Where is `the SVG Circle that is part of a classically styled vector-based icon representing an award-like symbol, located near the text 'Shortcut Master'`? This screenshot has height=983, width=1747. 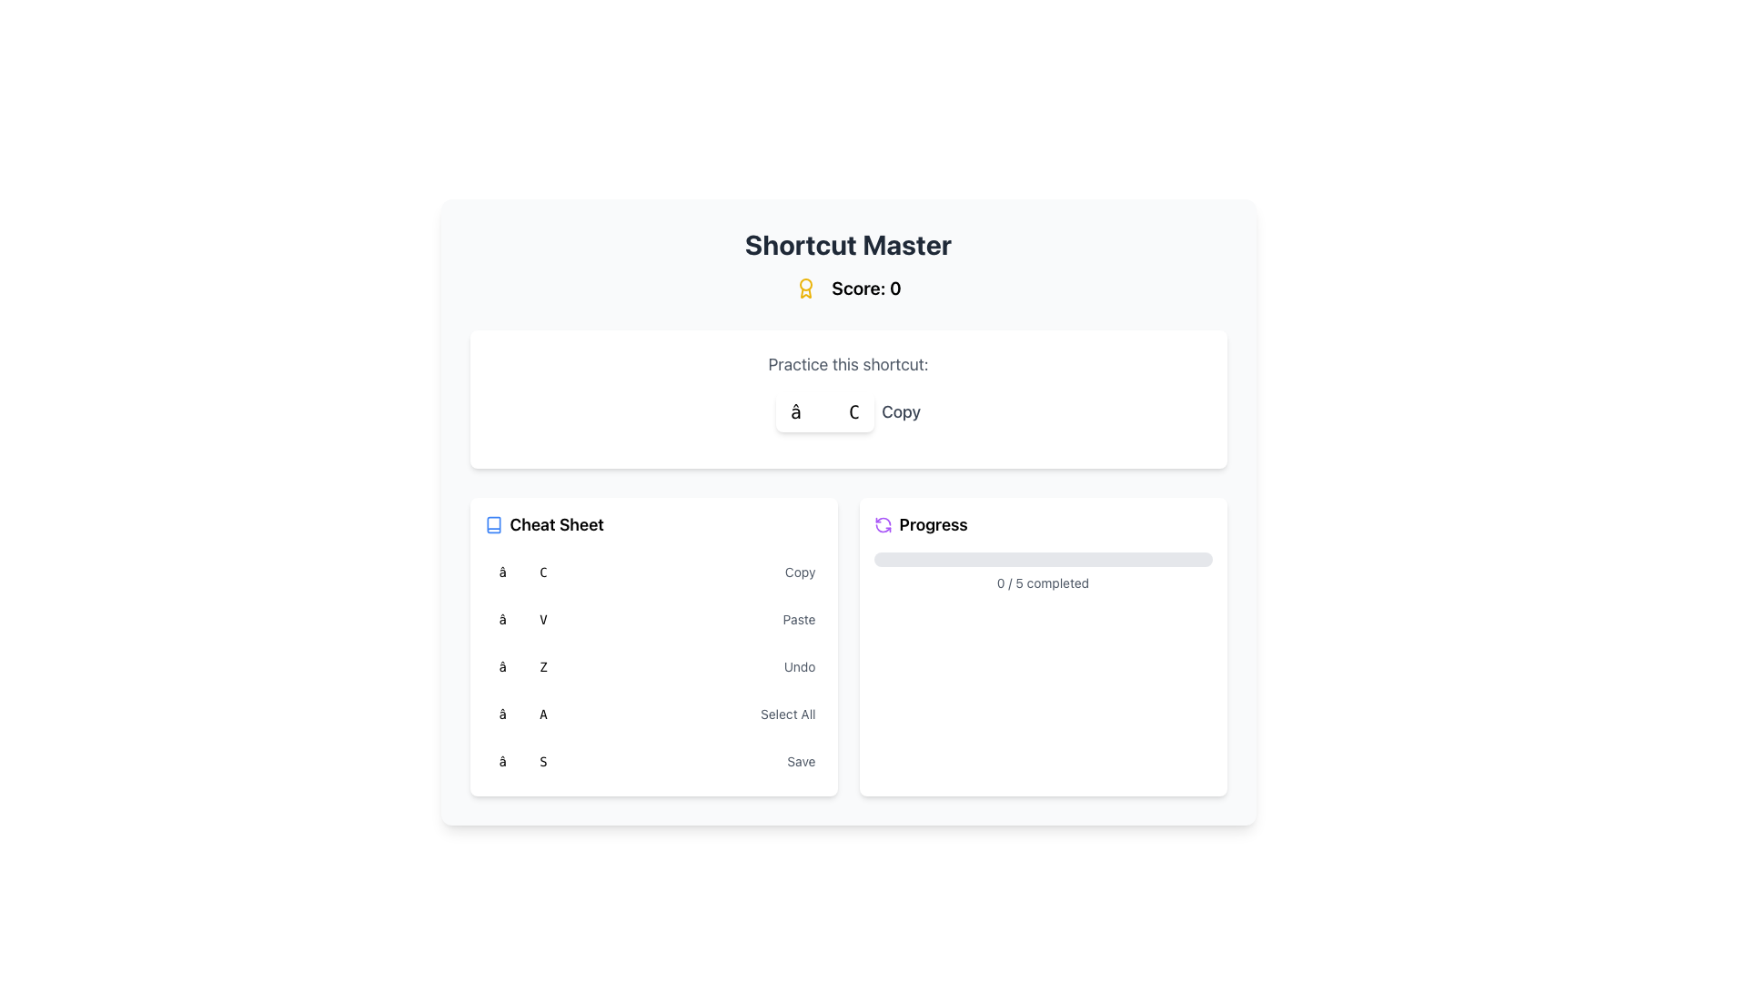 the SVG Circle that is part of a classically styled vector-based icon representing an award-like symbol, located near the text 'Shortcut Master' is located at coordinates (805, 284).